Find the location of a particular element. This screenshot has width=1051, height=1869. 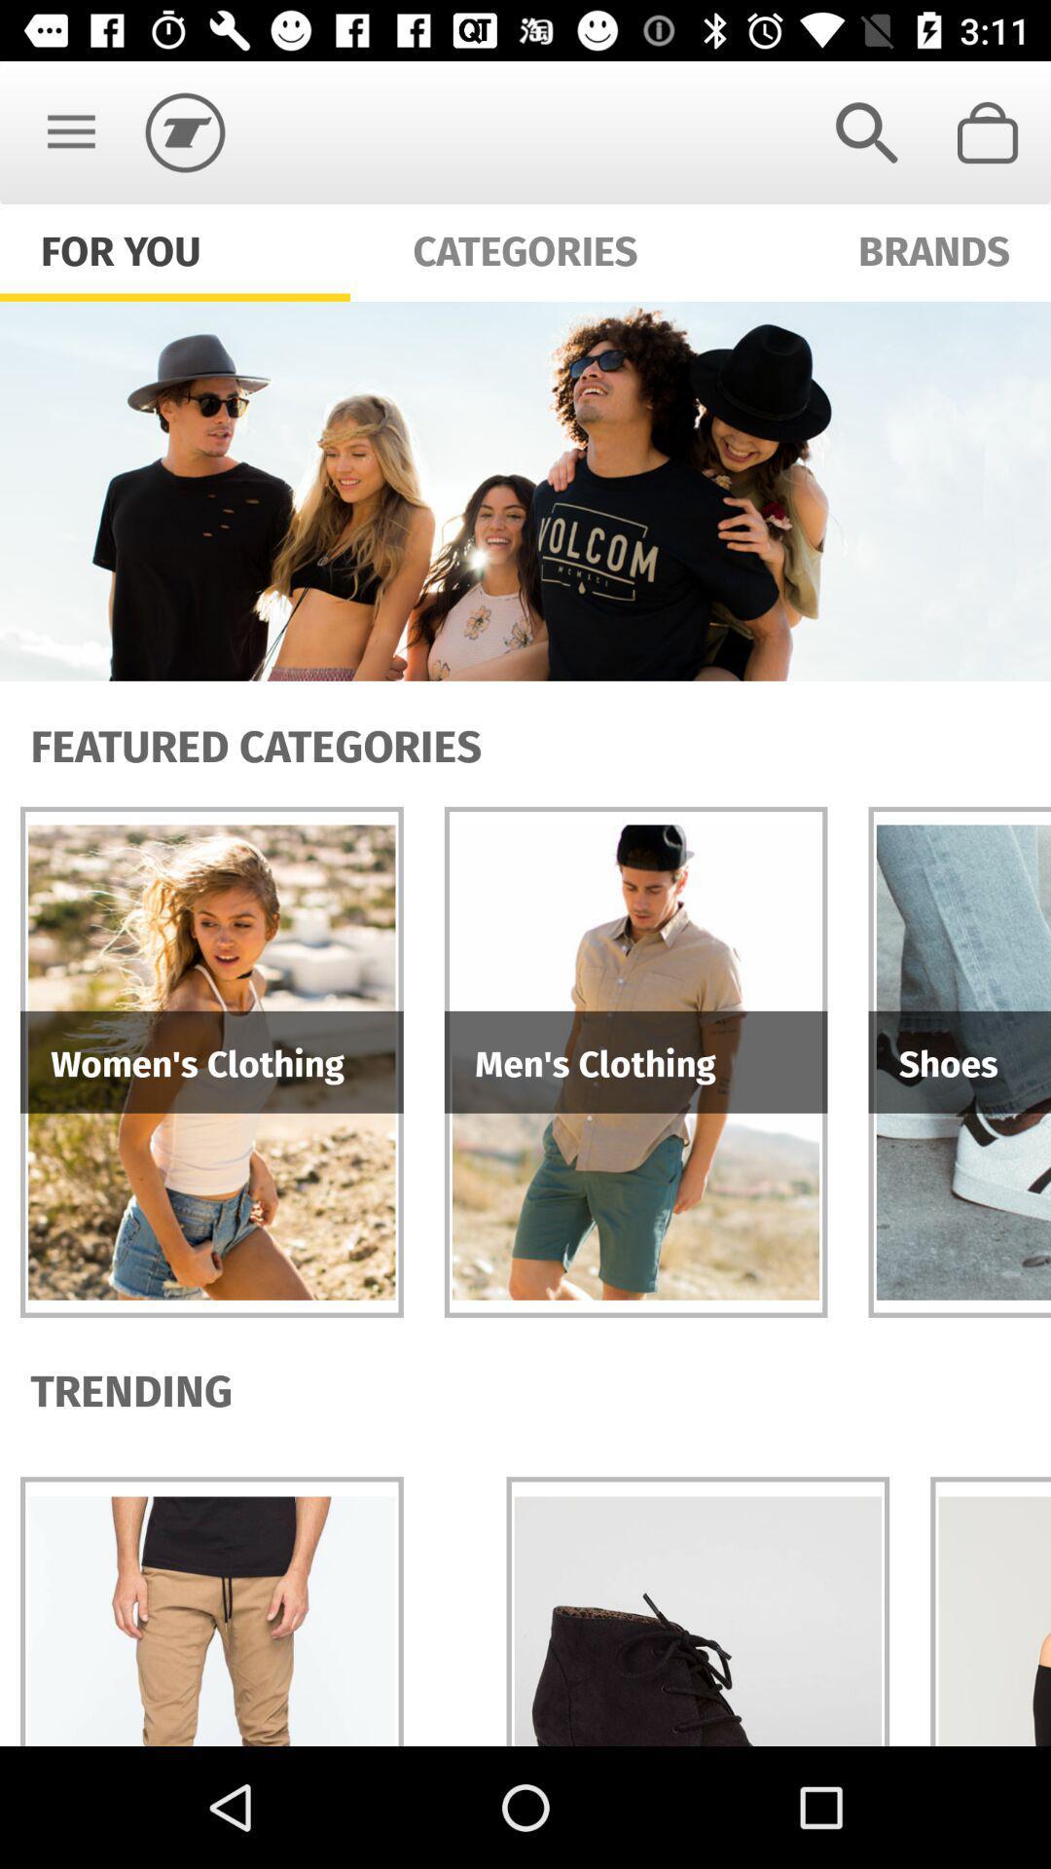

for you item is located at coordinates (121, 247).